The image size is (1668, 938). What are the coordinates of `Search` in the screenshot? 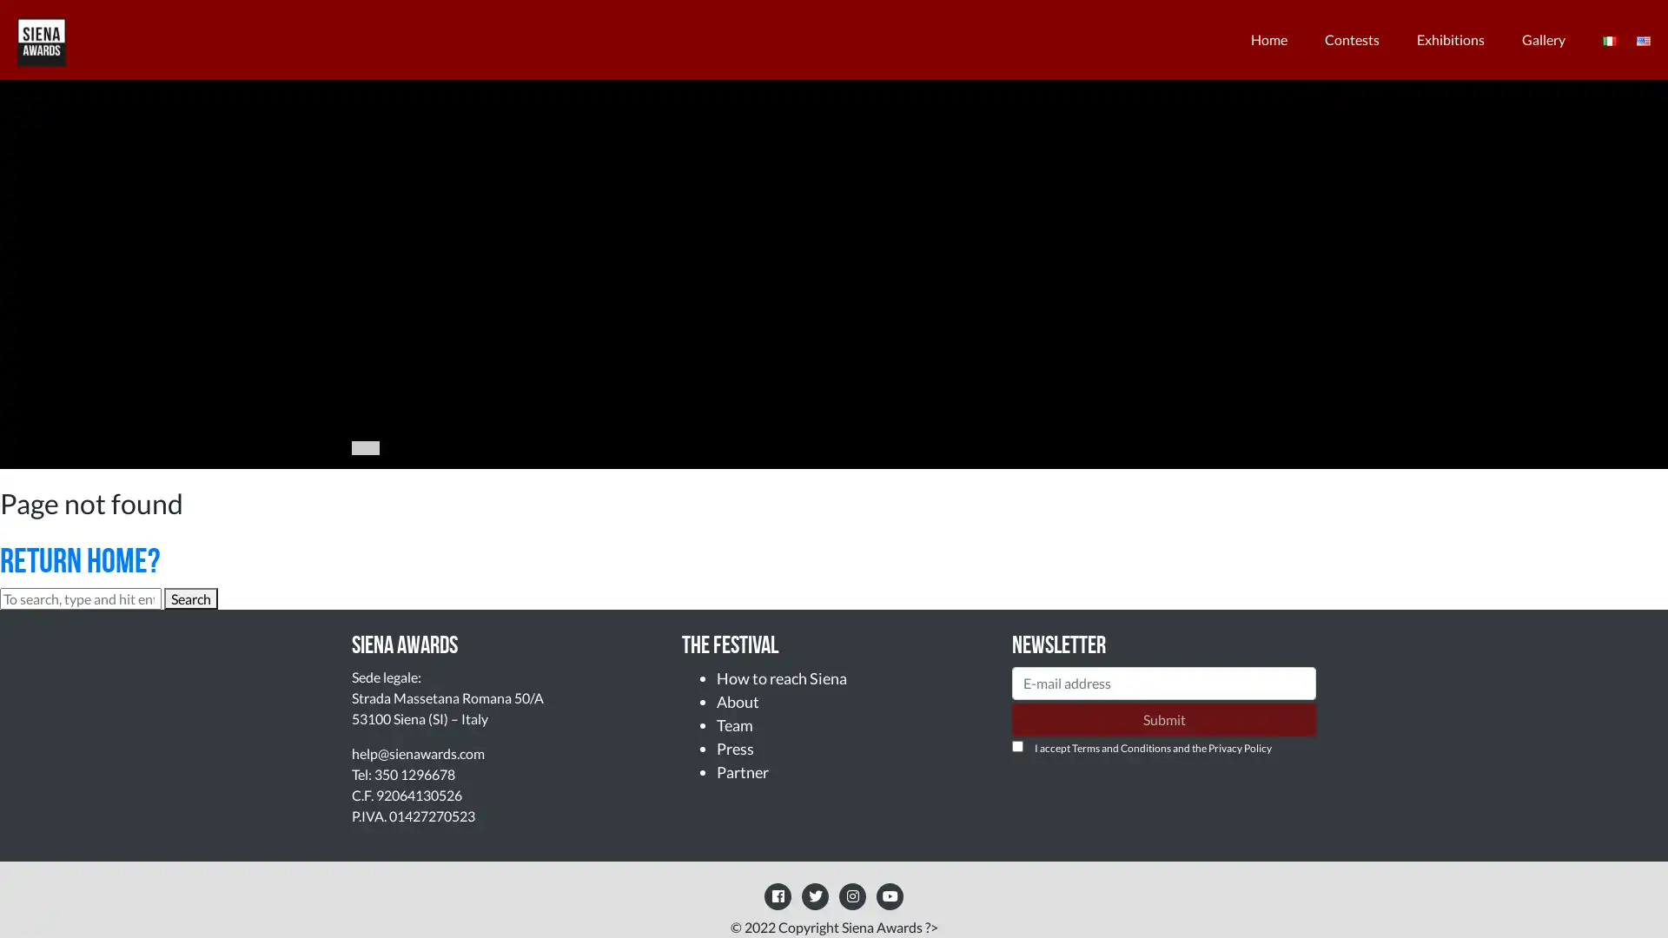 It's located at (191, 598).